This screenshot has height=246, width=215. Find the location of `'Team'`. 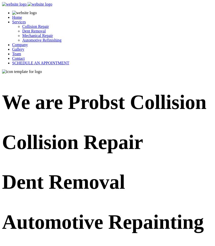

'Team' is located at coordinates (12, 53).